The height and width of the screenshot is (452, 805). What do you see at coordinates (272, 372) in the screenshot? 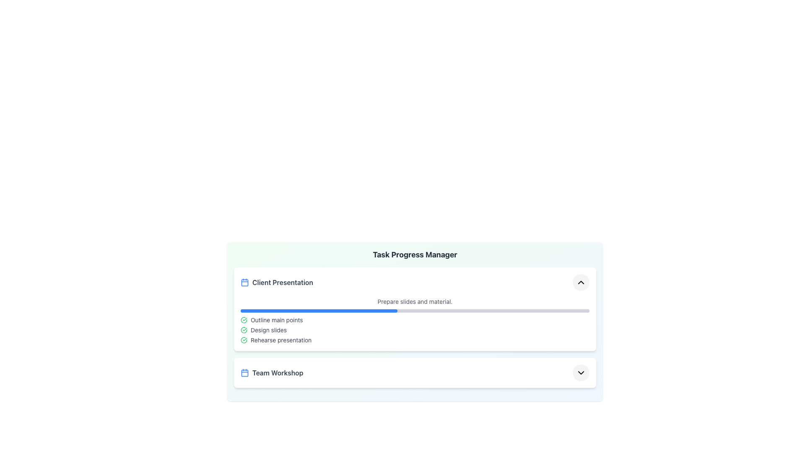
I see `the text label with an icon located at the bottom of the white card, which identifies a specific team-related workshop or event` at bounding box center [272, 372].